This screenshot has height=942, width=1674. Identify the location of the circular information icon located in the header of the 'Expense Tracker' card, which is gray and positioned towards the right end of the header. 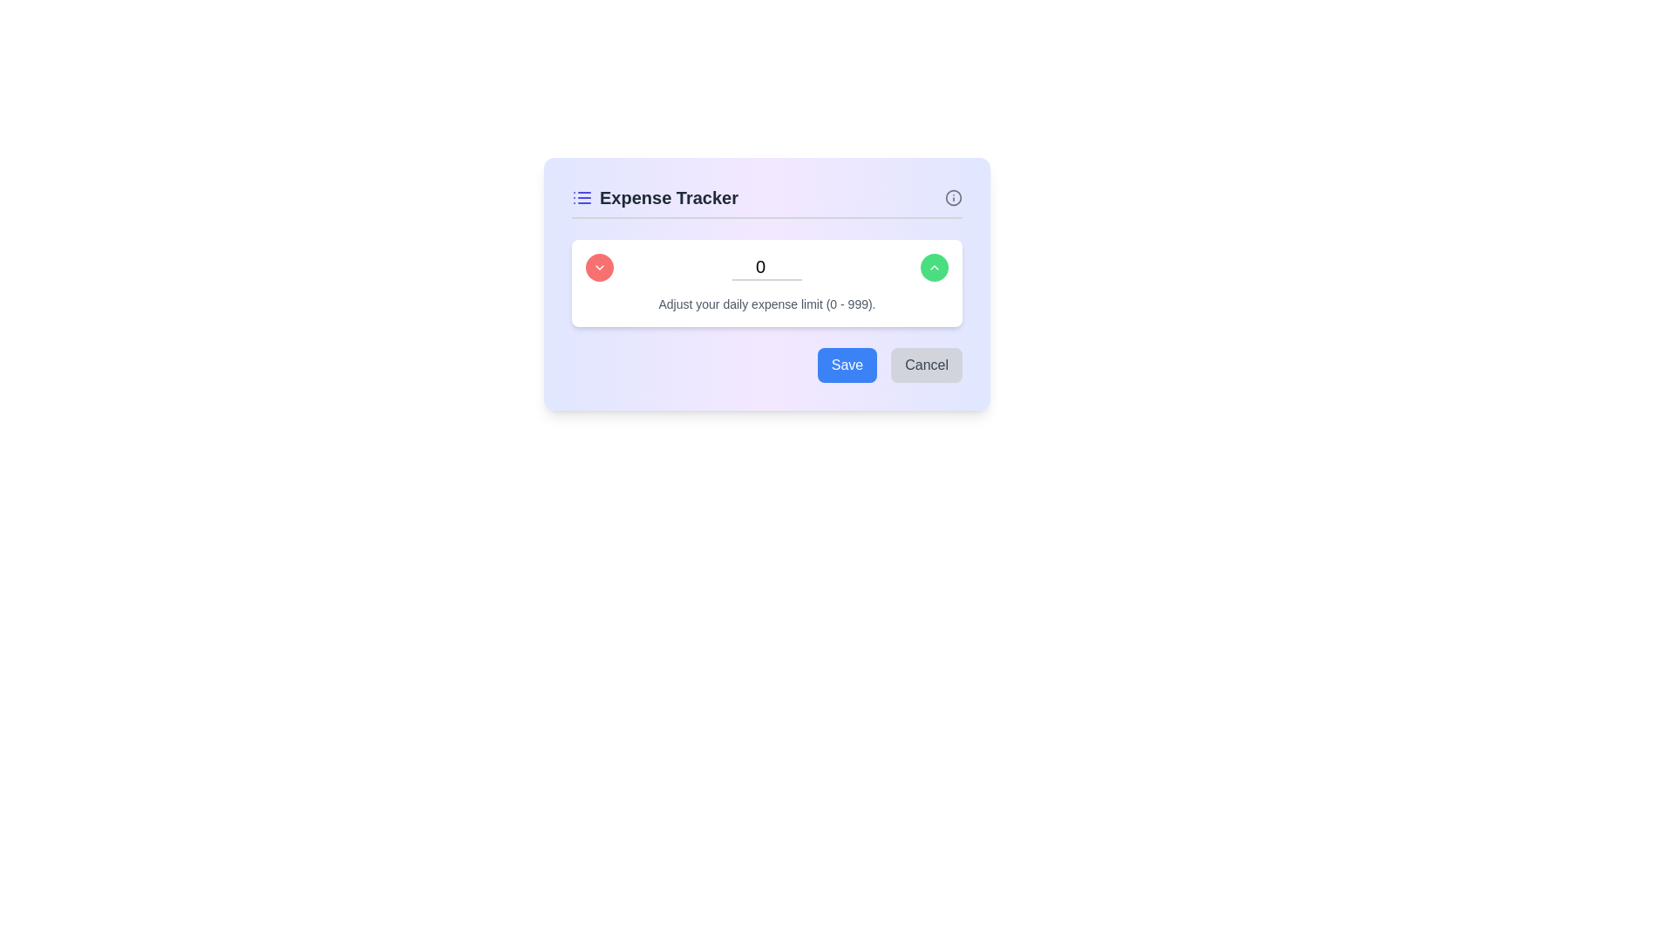
(953, 197).